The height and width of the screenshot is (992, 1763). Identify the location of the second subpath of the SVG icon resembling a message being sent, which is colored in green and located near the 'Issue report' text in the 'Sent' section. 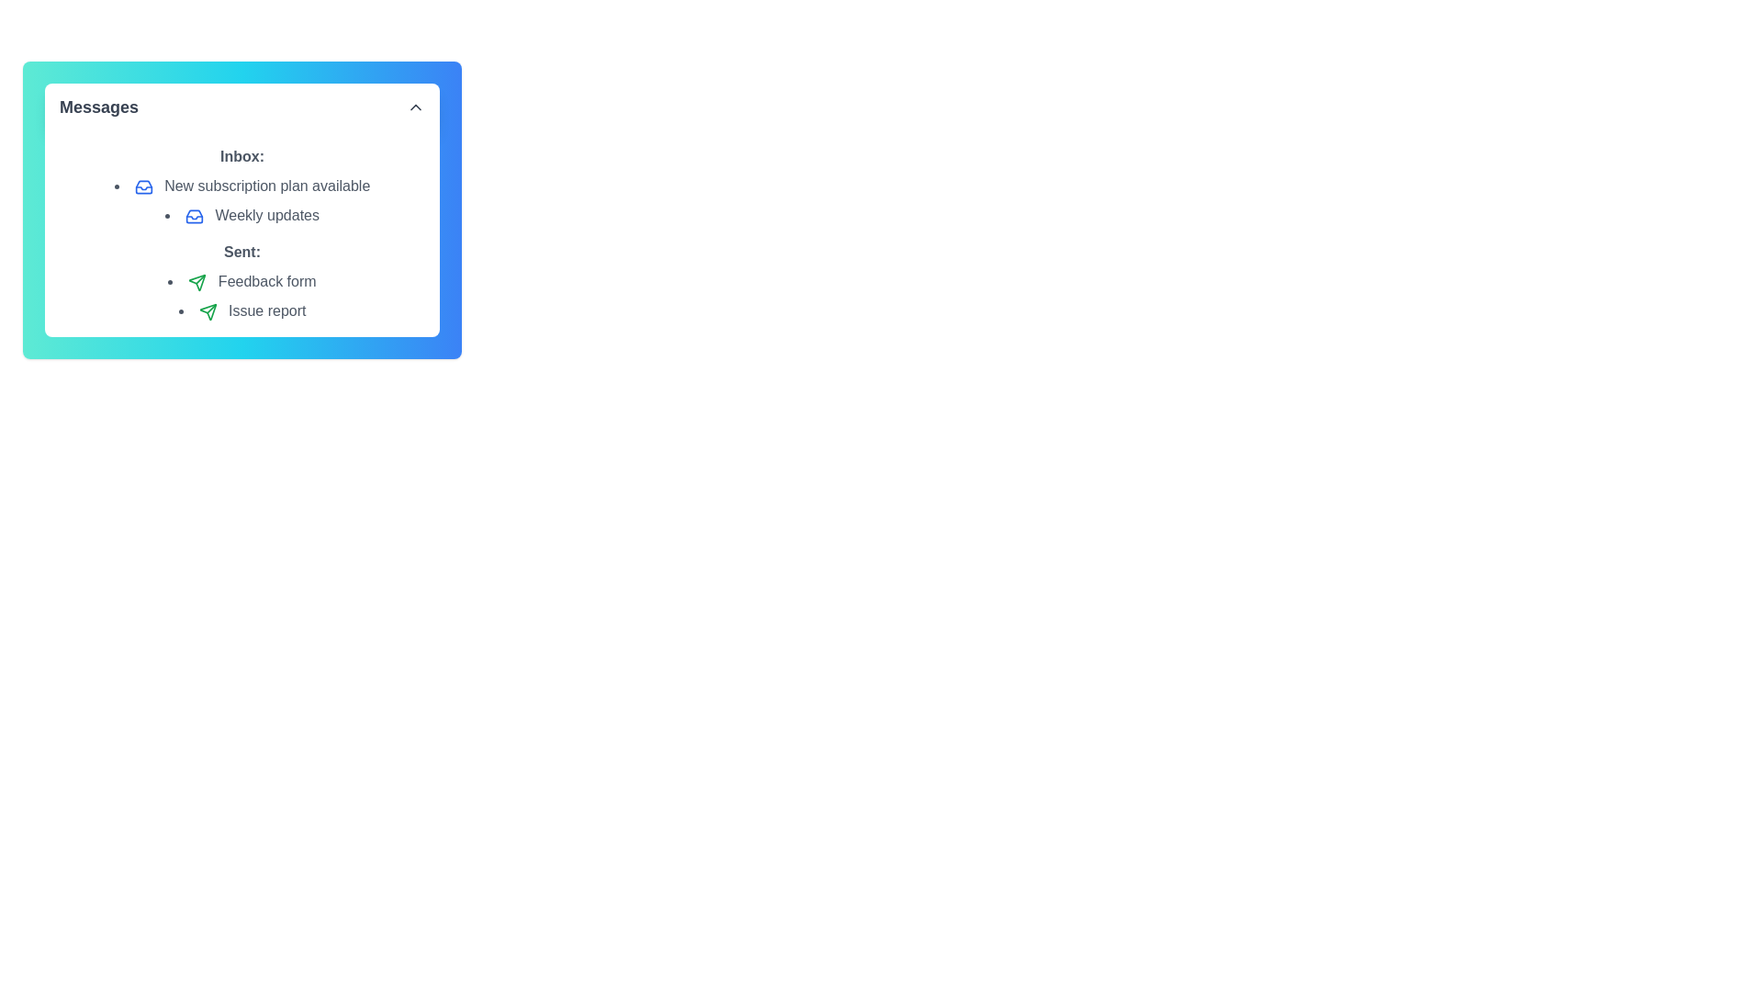
(211, 308).